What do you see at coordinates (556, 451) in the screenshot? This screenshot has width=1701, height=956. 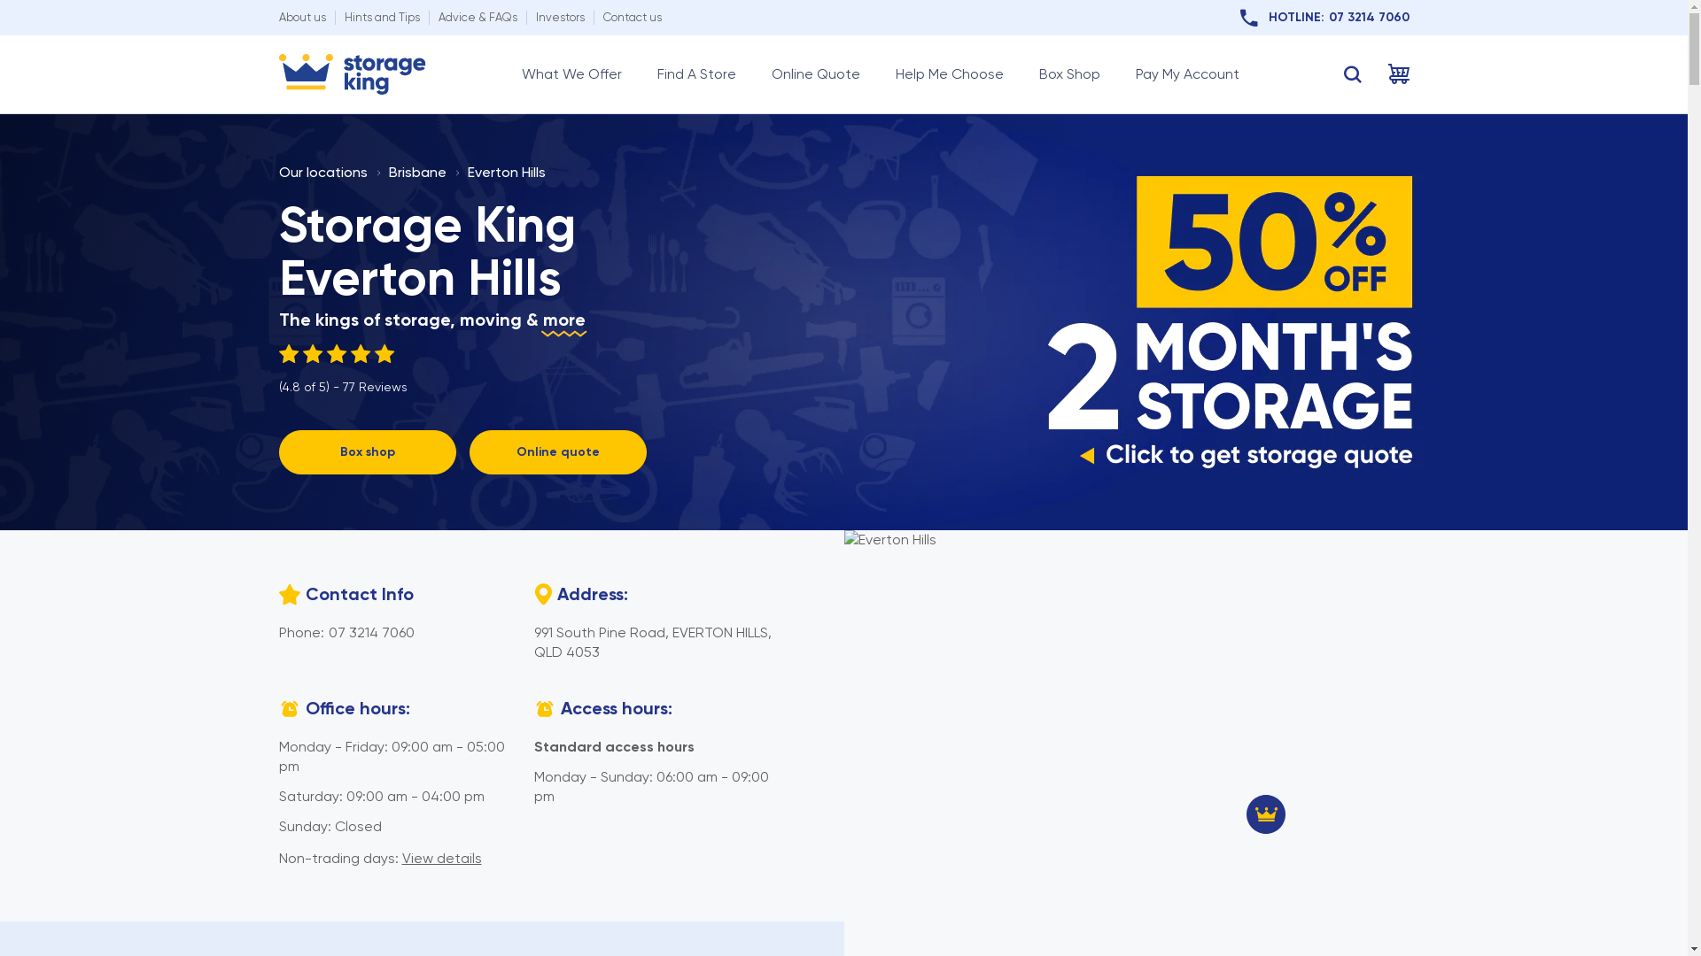 I see `'Online quote'` at bounding box center [556, 451].